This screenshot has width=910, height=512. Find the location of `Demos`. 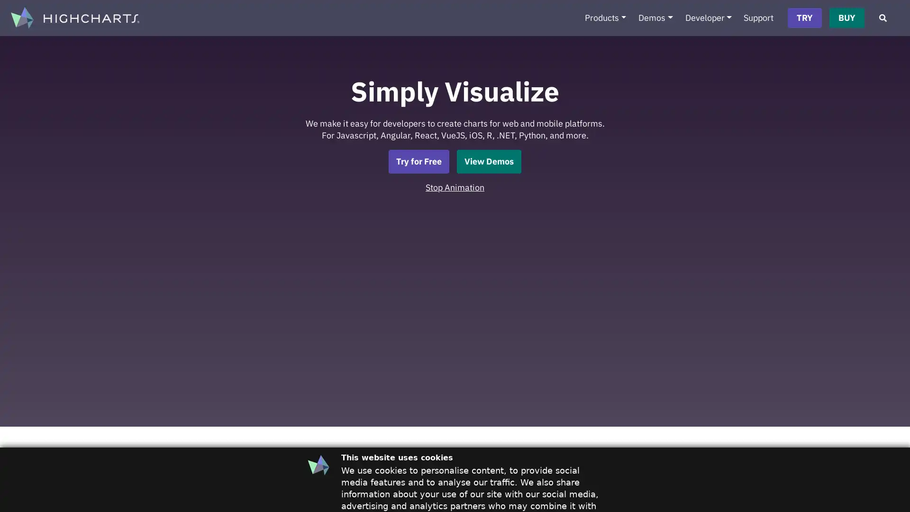

Demos is located at coordinates (655, 18).